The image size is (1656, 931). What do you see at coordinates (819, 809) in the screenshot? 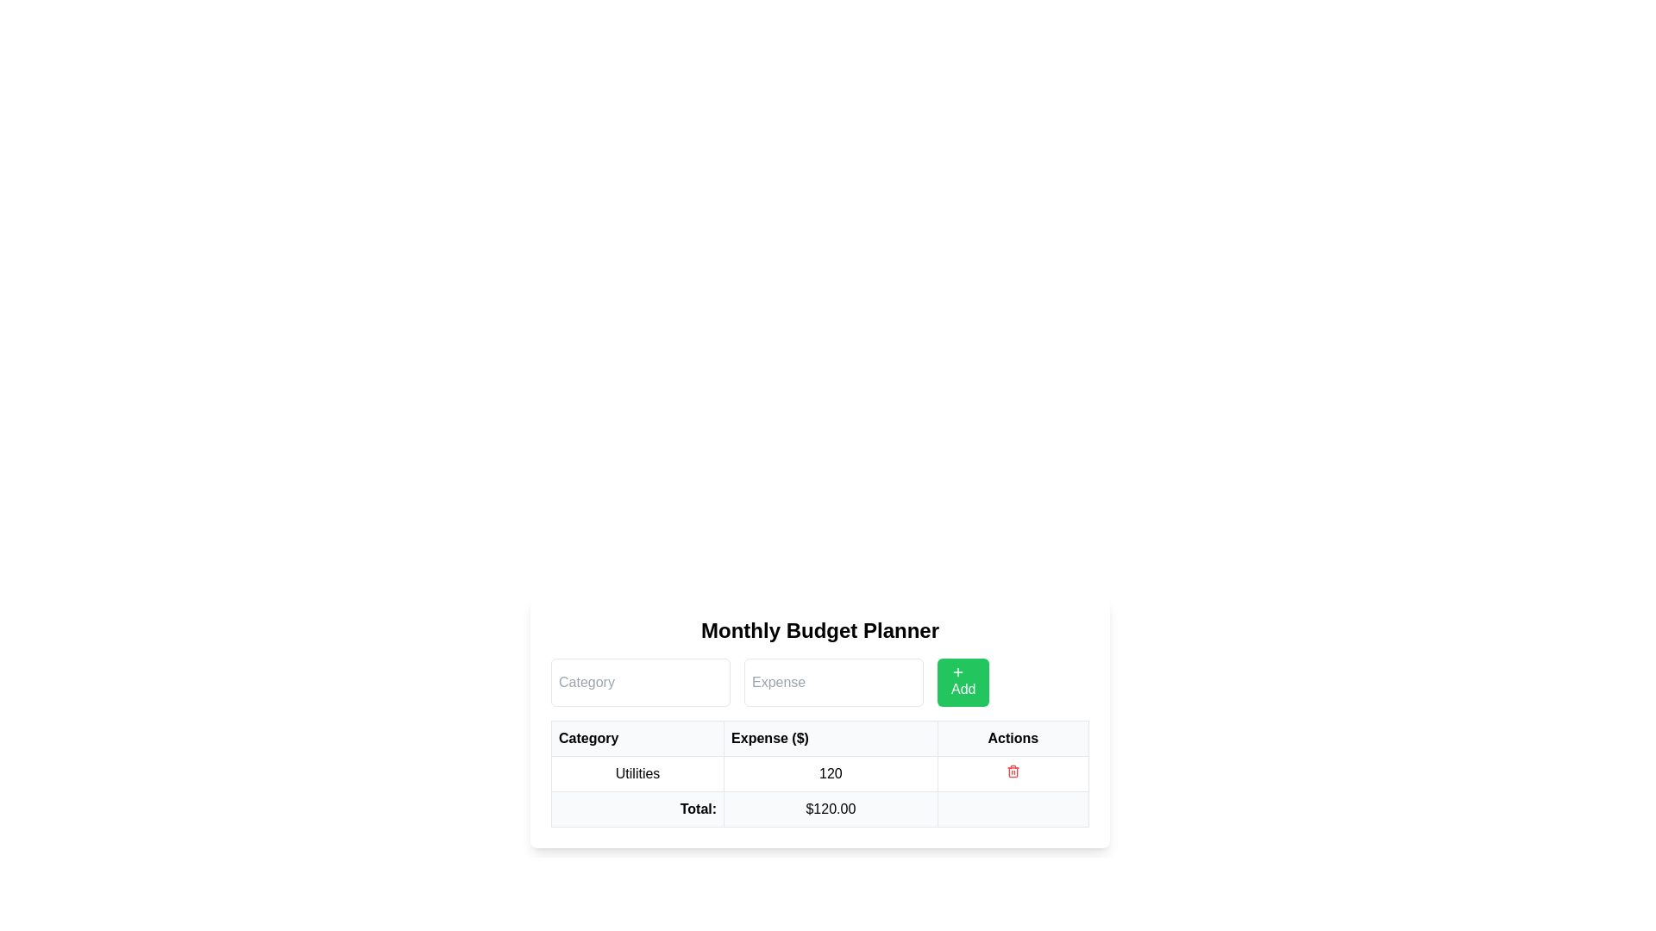
I see `displayed text content from the table row at the bottom of the table body containing 'Total:' and the value '$120.00'` at bounding box center [819, 809].